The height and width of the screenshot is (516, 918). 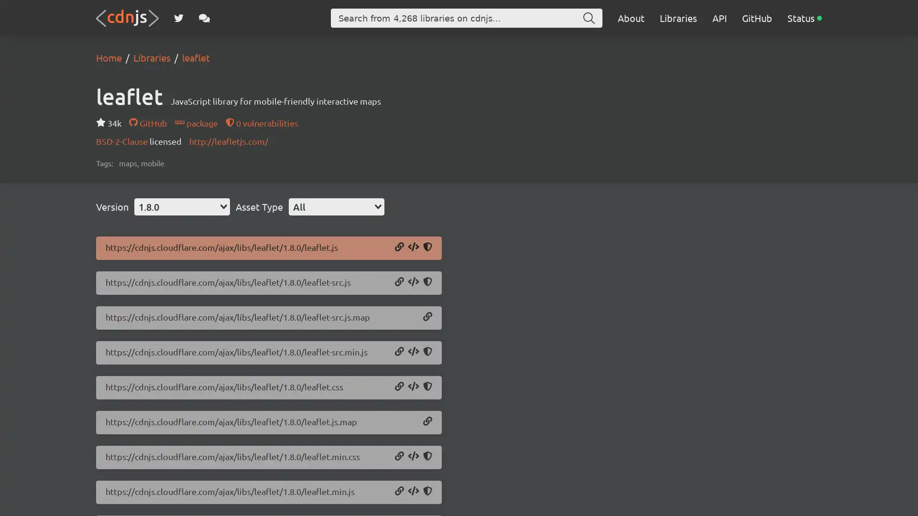 What do you see at coordinates (413, 247) in the screenshot?
I see `Copy Script Tag` at bounding box center [413, 247].